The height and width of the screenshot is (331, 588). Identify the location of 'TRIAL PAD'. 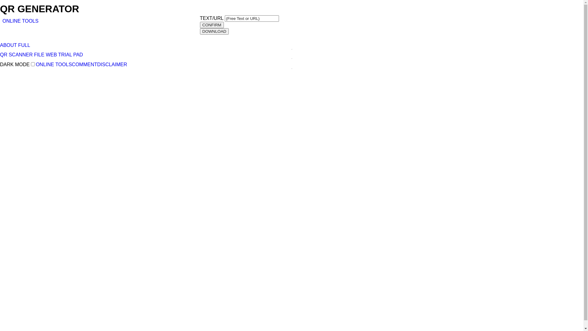
(58, 54).